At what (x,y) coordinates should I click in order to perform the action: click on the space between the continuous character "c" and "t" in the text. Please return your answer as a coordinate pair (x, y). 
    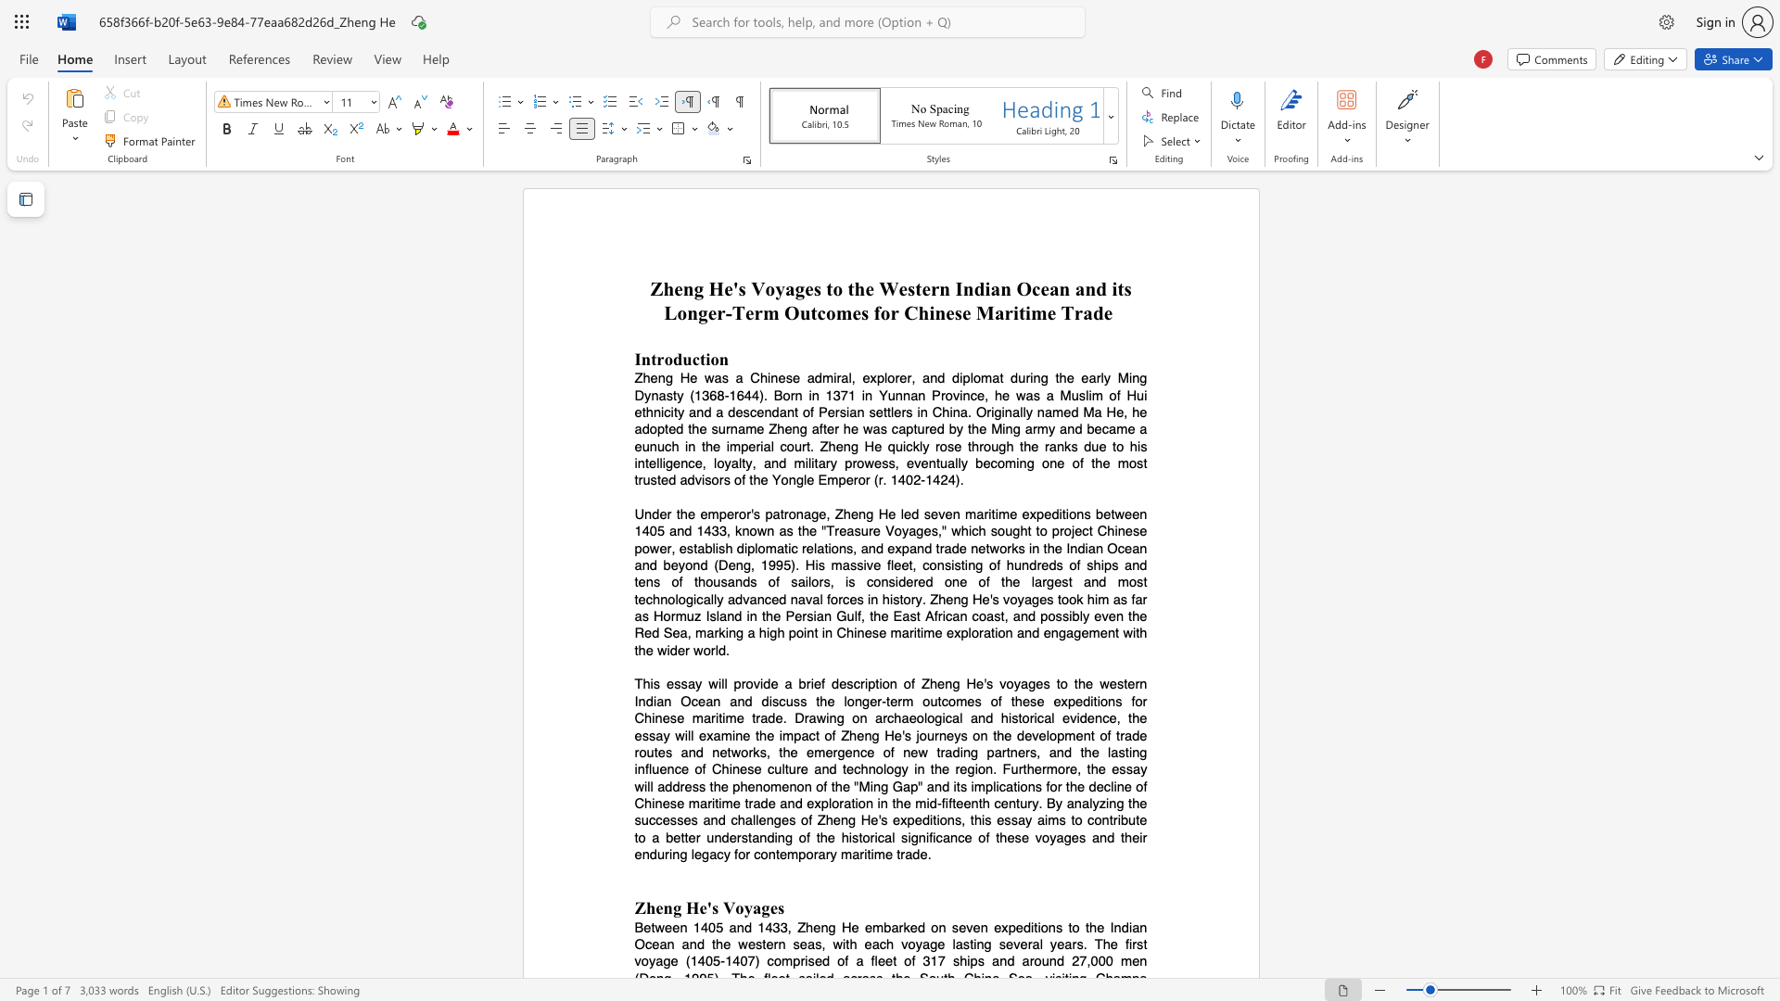
    Looking at the image, I should click on (698, 359).